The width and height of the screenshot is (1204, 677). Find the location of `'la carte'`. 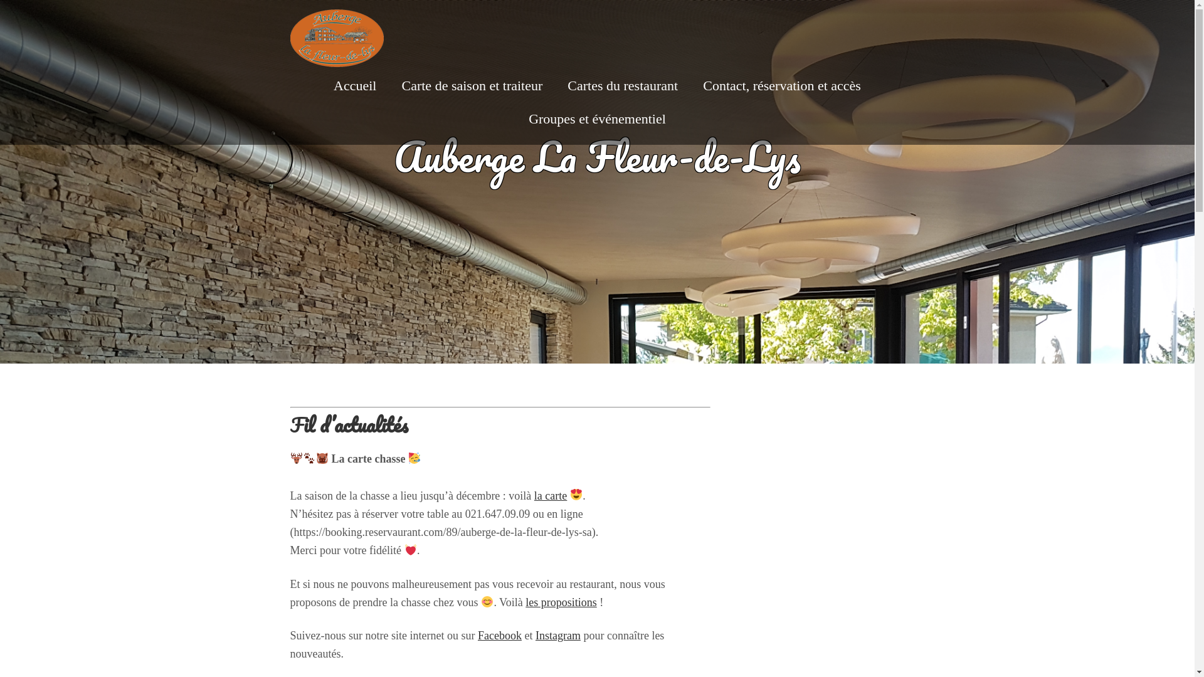

'la carte' is located at coordinates (551, 495).